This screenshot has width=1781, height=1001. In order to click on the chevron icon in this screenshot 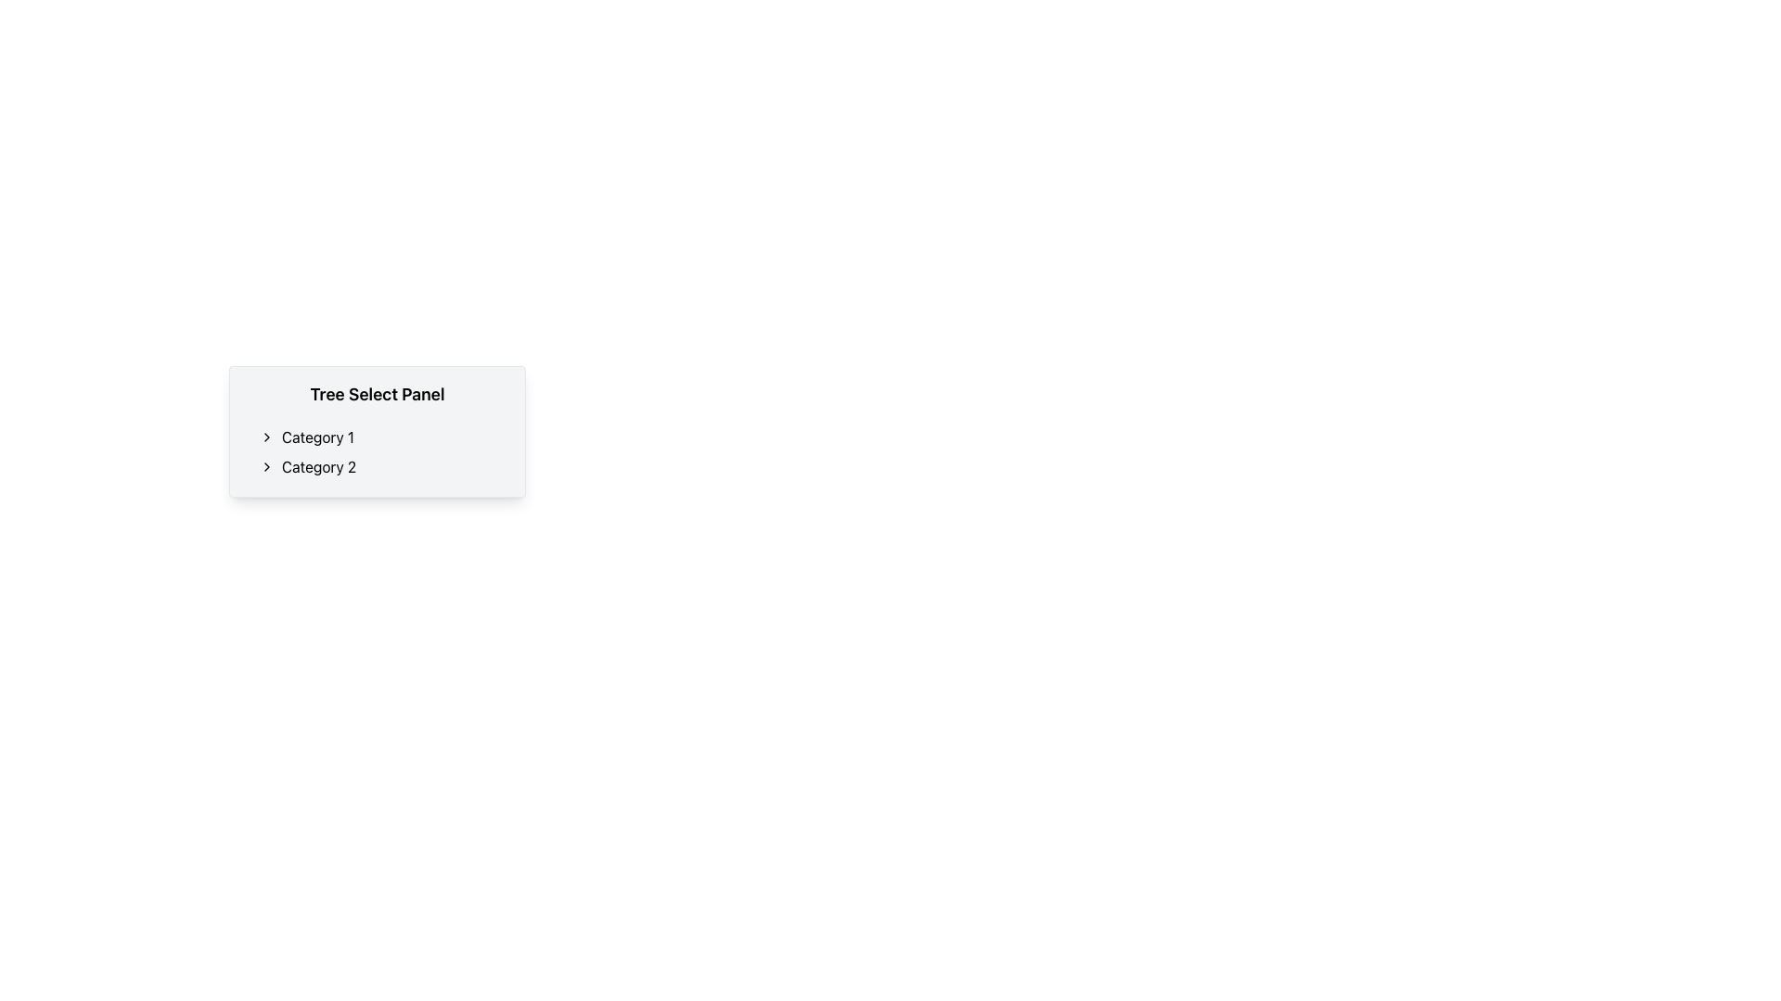, I will do `click(266, 437)`.